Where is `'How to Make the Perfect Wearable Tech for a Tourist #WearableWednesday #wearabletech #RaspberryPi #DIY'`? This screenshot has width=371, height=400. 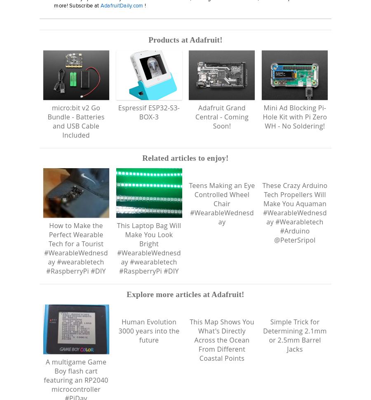 'How to Make the Perfect Wearable Tech for a Tourist #WearableWednesday #wearabletech #RaspberryPi #DIY' is located at coordinates (75, 248).